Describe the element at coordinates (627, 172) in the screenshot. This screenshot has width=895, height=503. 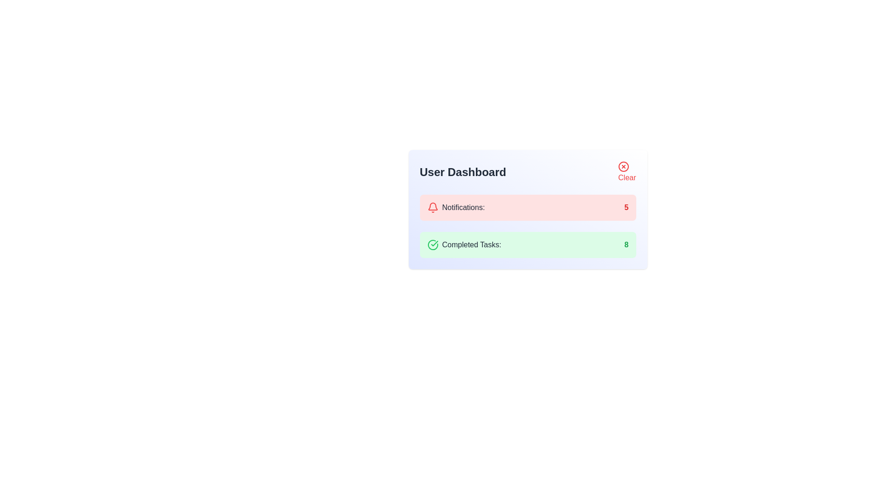
I see `the 'Clear' button, which is a small red text label located below a circular icon with an 'X' in the top-right corner of the 'User Dashboard'` at that location.